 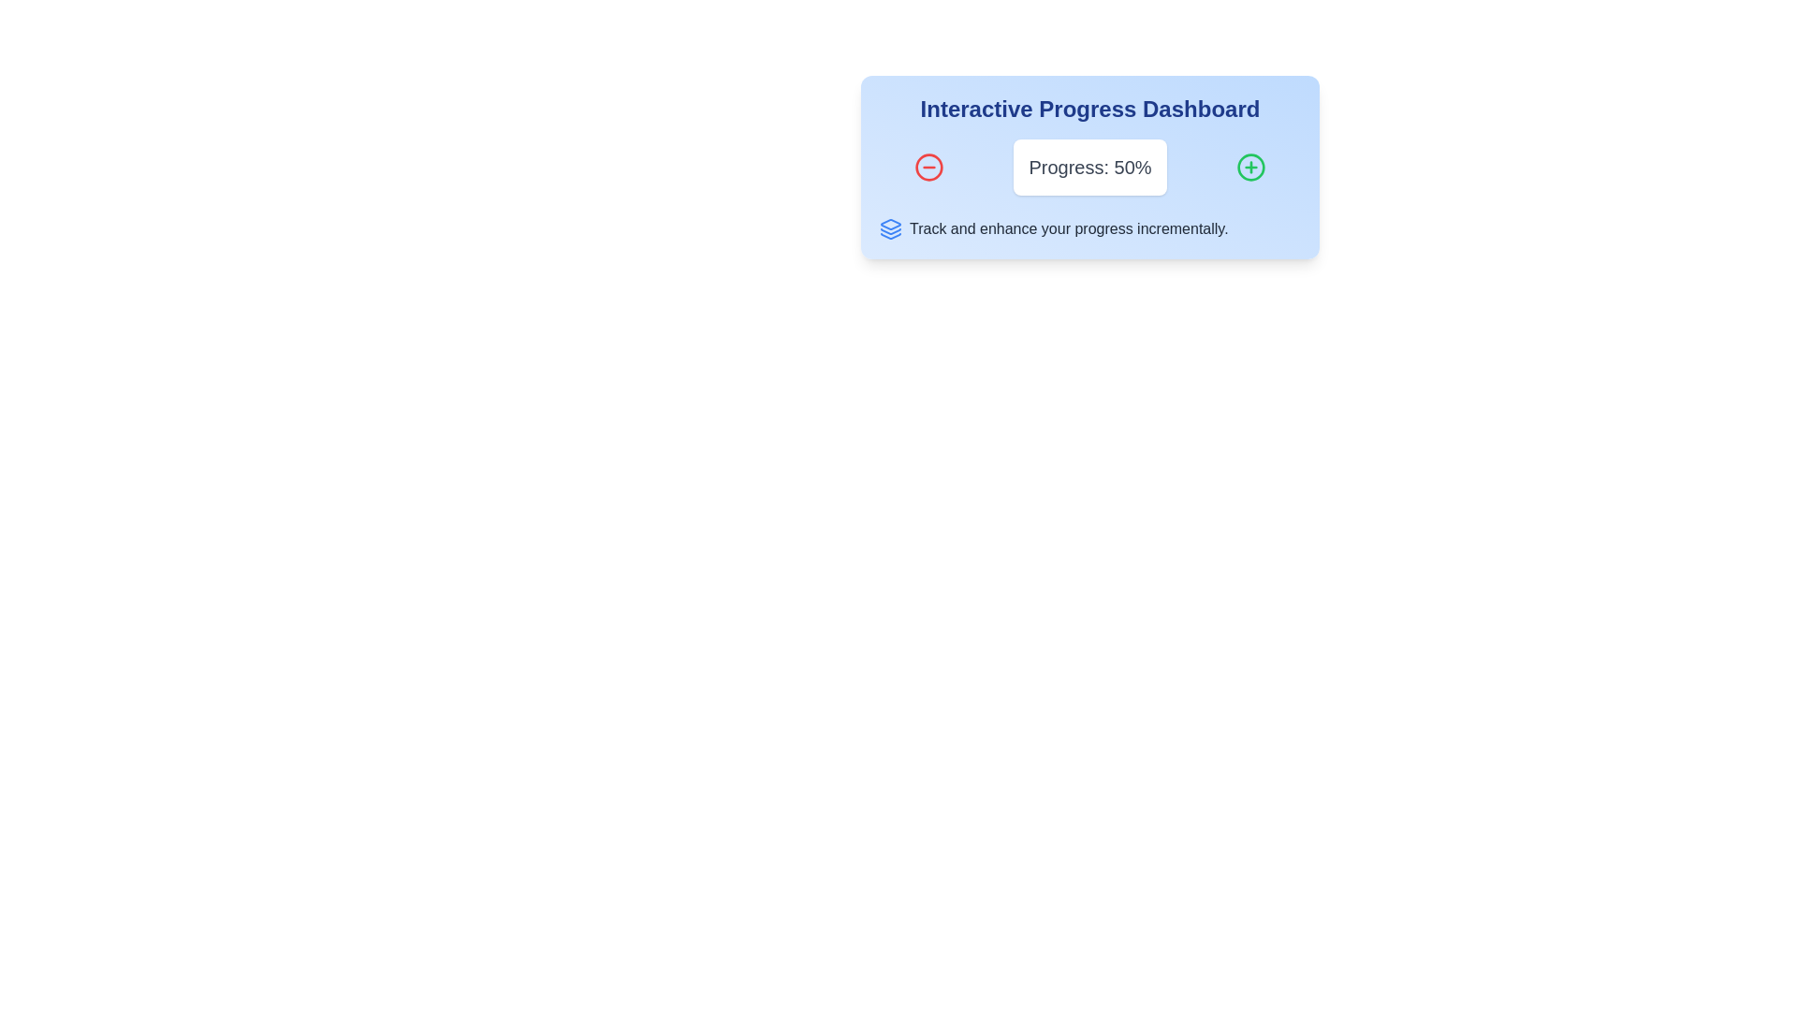 What do you see at coordinates (929, 166) in the screenshot?
I see `the circular visual element representing a subtraction action within the icon on the 'Interactive Progress Dashboard' card` at bounding box center [929, 166].